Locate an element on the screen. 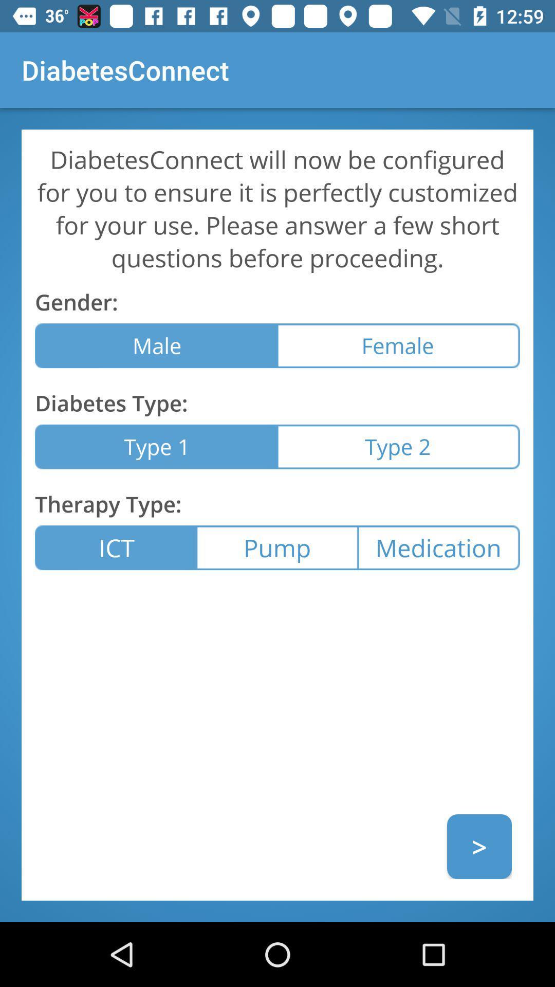  item below the type 1 item is located at coordinates (276, 547).